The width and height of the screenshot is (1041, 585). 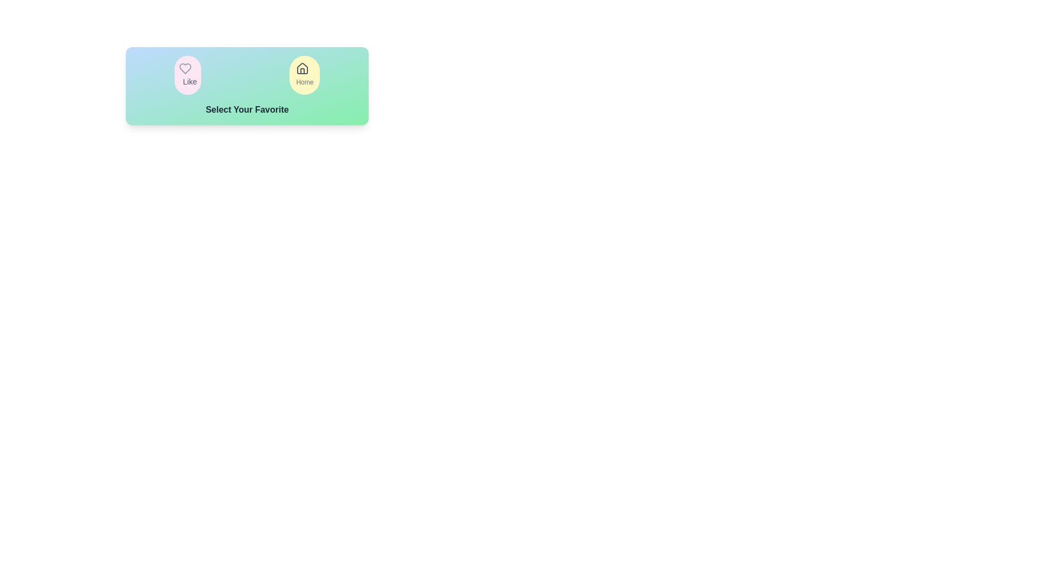 I want to click on the text label that describes the purpose of the 'Home' button, which is located underneath the house-shaped icon on the right side of the interface, so click(x=304, y=81).